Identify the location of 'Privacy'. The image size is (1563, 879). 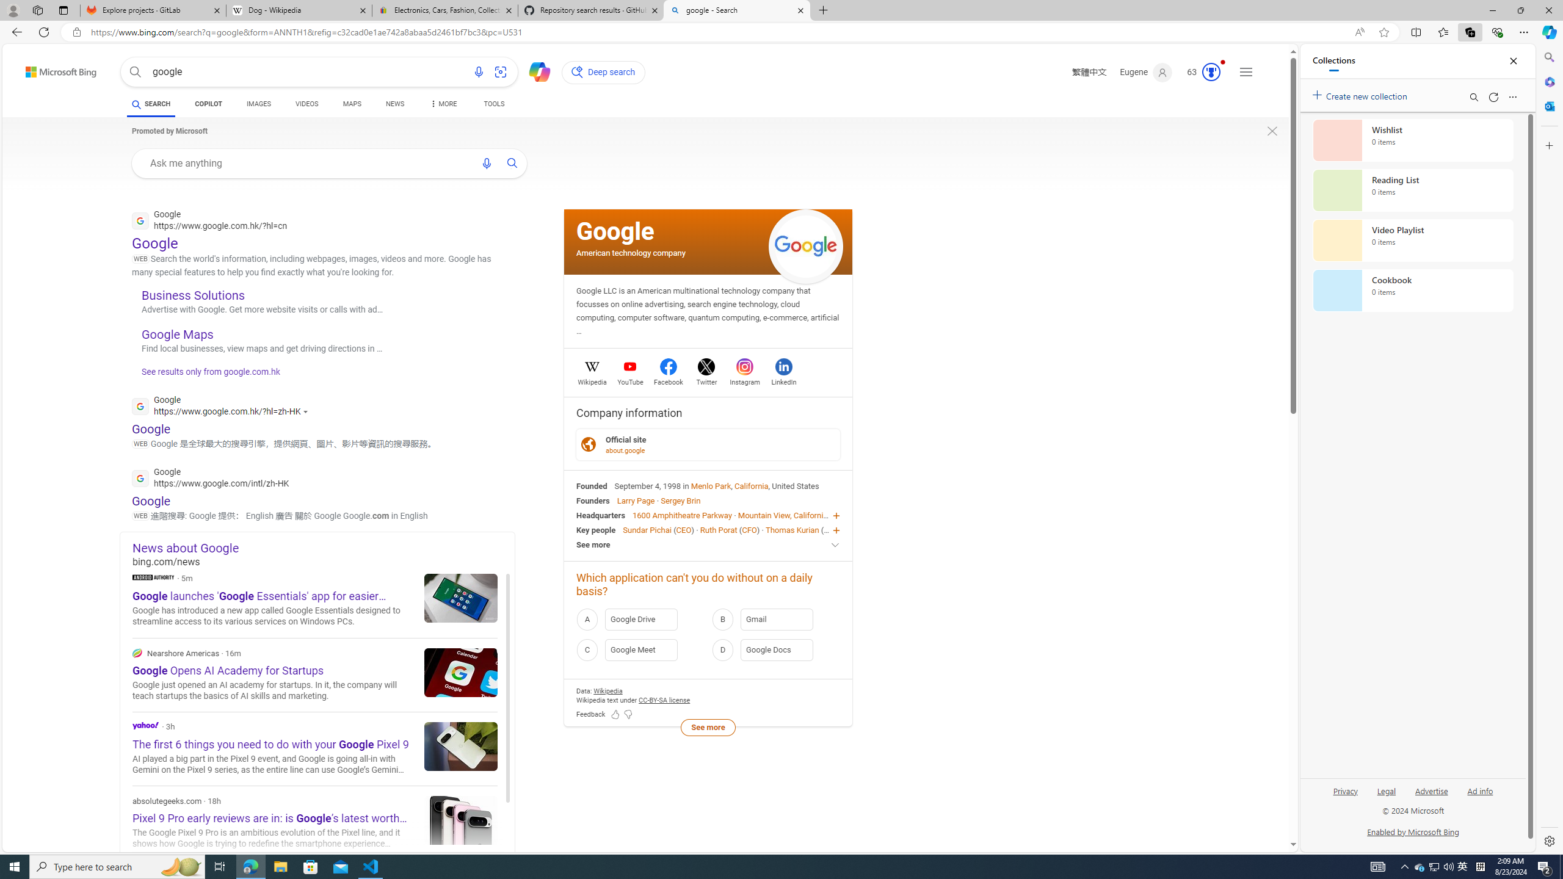
(1346, 790).